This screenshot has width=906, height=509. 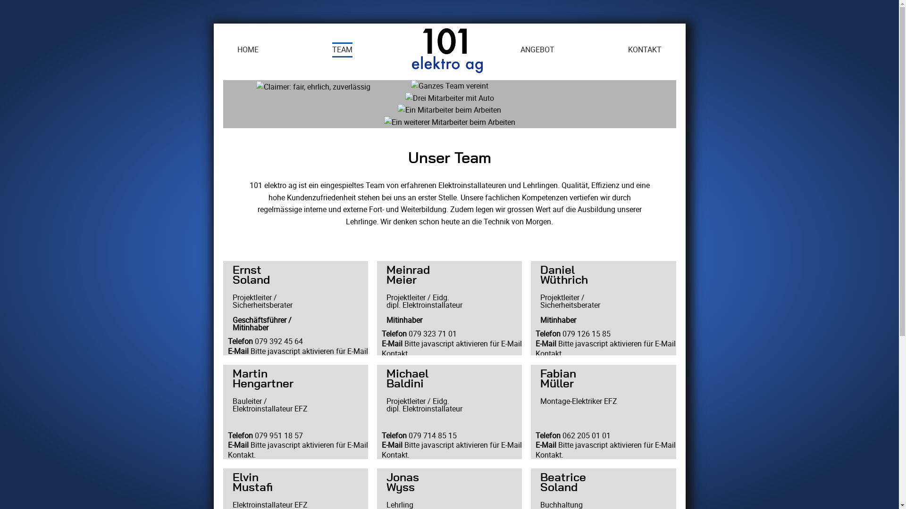 What do you see at coordinates (520, 49) in the screenshot?
I see `'ANGEBOT'` at bounding box center [520, 49].